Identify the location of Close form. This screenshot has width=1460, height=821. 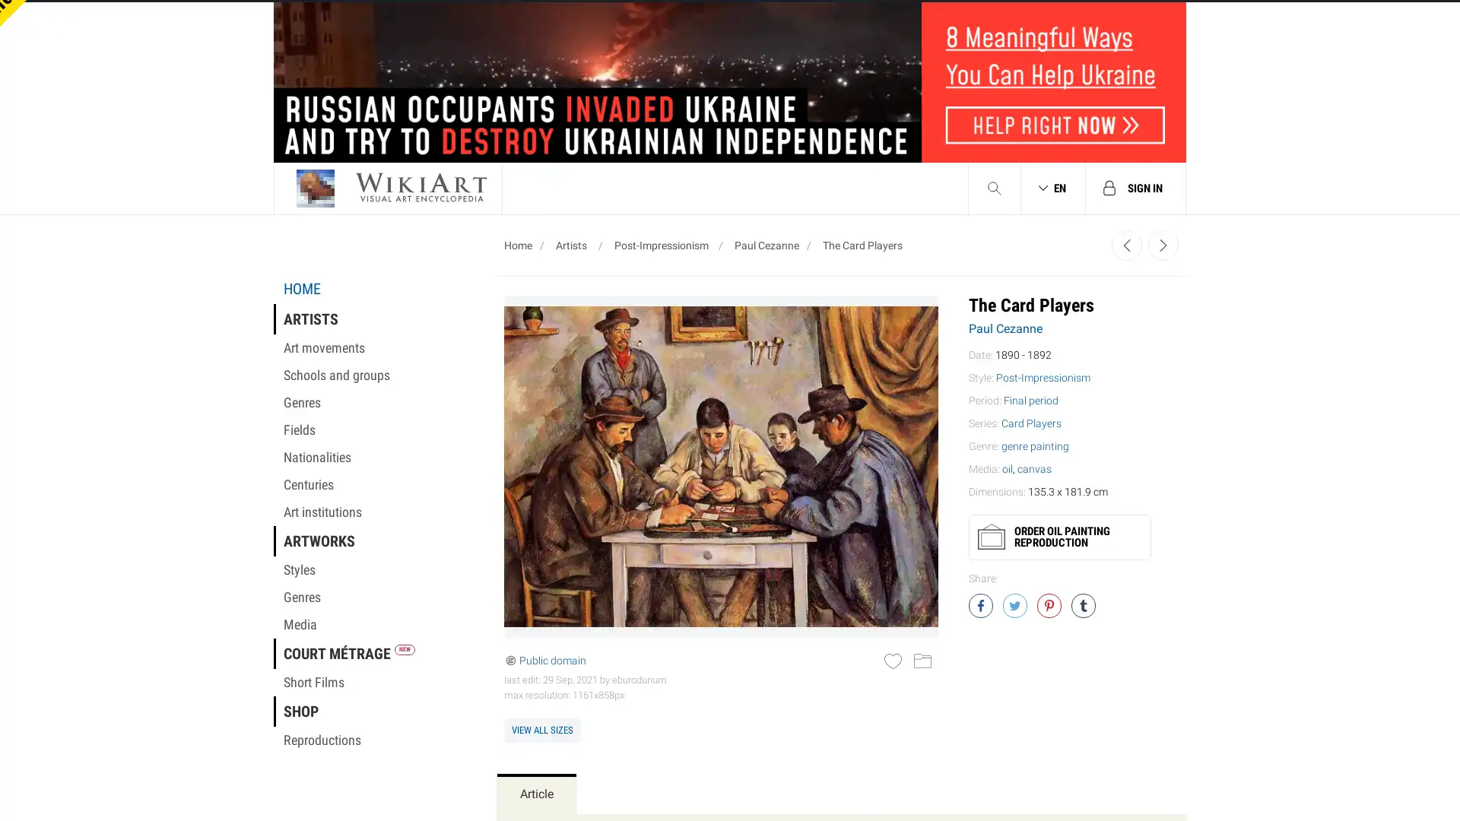
(1014, 34).